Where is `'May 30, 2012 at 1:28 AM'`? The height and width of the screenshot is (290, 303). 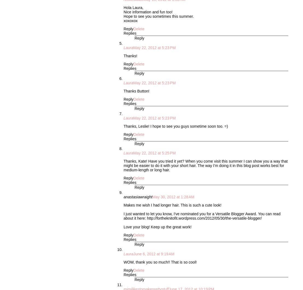
'May 30, 2012 at 1:28 AM' is located at coordinates (173, 196).